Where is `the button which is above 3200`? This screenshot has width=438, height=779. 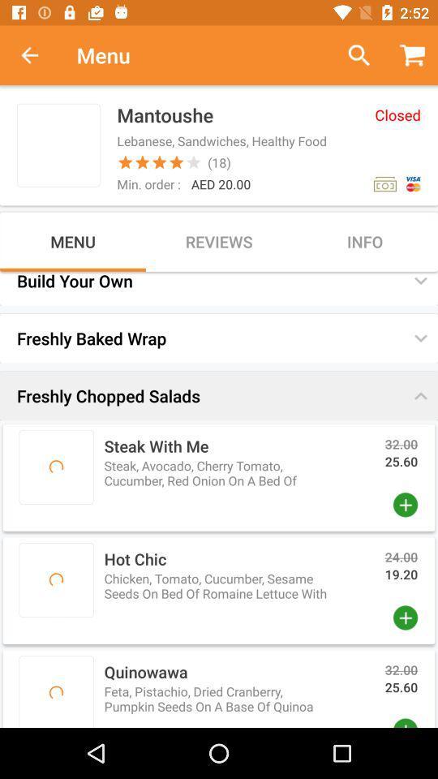 the button which is above 3200 is located at coordinates (420, 394).